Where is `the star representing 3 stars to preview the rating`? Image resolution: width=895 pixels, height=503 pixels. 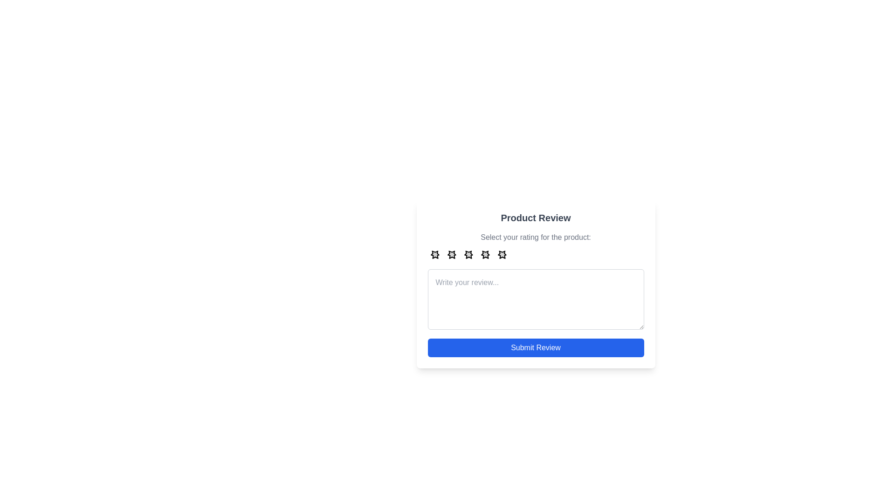 the star representing 3 stars to preview the rating is located at coordinates (468, 254).